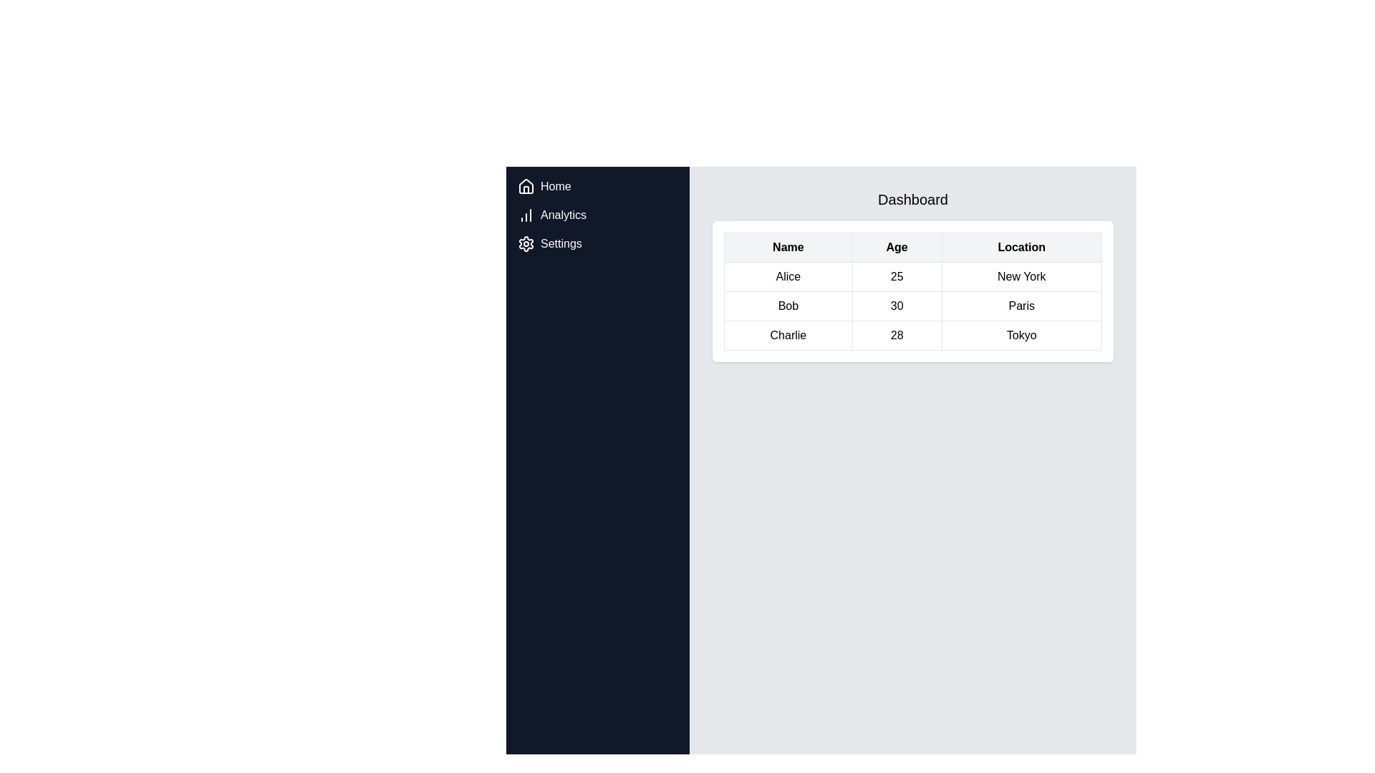  Describe the element at coordinates (787, 306) in the screenshot. I see `the text display element showing the name 'Bob' in black text on a white background, located in the second row and first column of the table labeled 'Name.'` at that location.